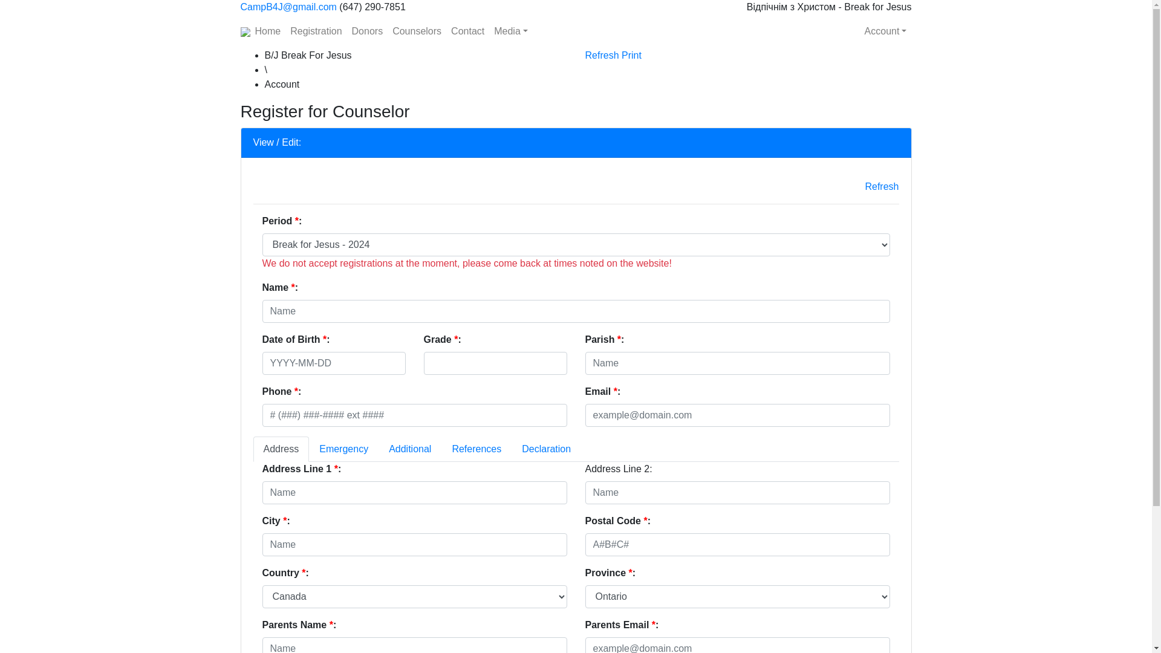 This screenshot has height=653, width=1161. Describe the element at coordinates (621, 55) in the screenshot. I see `'Print'` at that location.